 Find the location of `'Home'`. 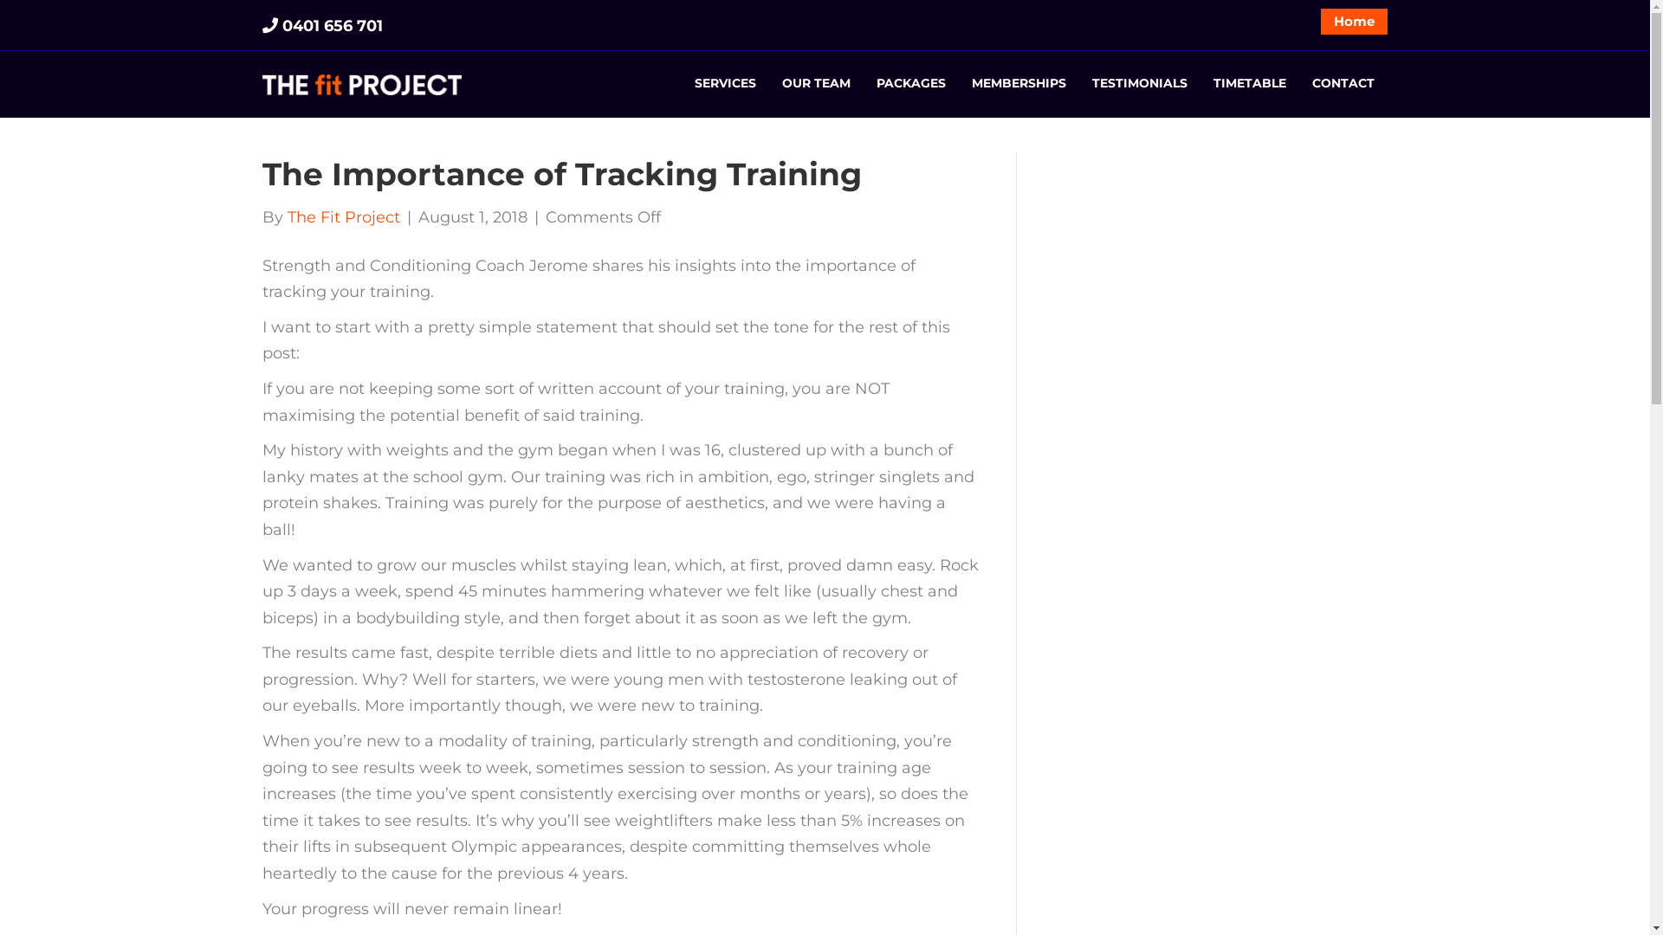

'Home' is located at coordinates (1353, 21).